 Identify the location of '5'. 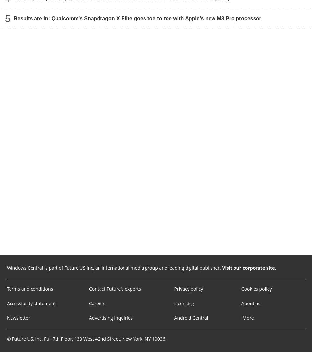
(7, 18).